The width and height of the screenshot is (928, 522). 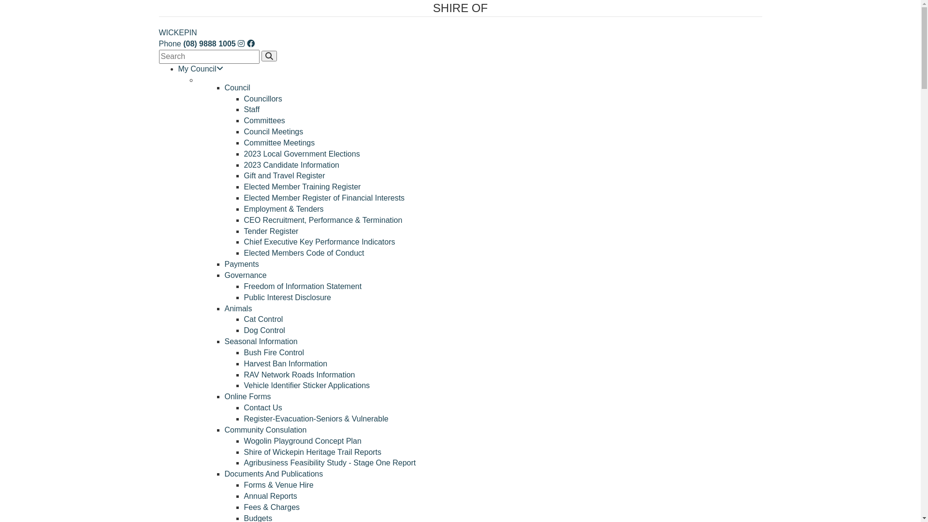 I want to click on 'Bush Fire Control', so click(x=273, y=352).